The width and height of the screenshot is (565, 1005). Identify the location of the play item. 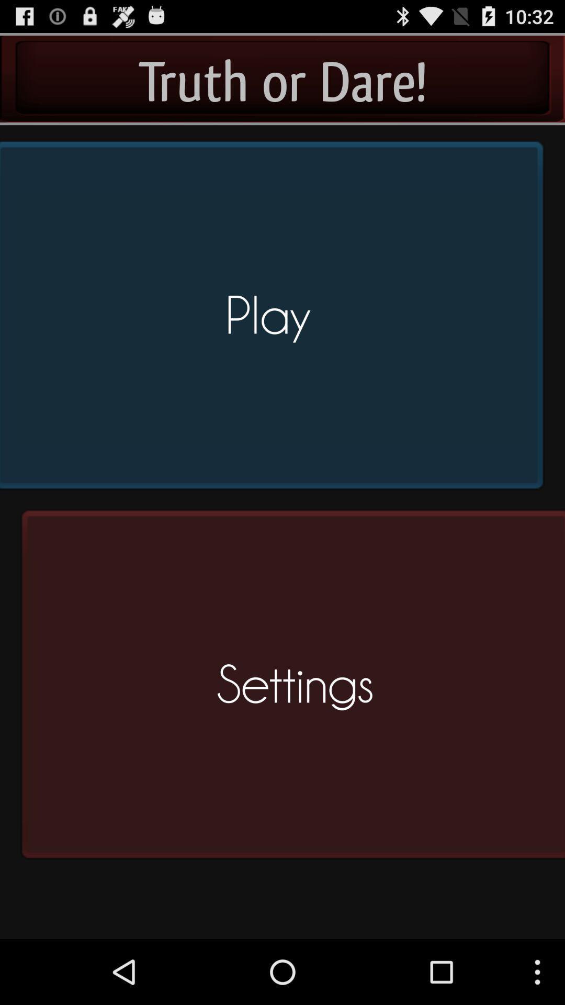
(275, 319).